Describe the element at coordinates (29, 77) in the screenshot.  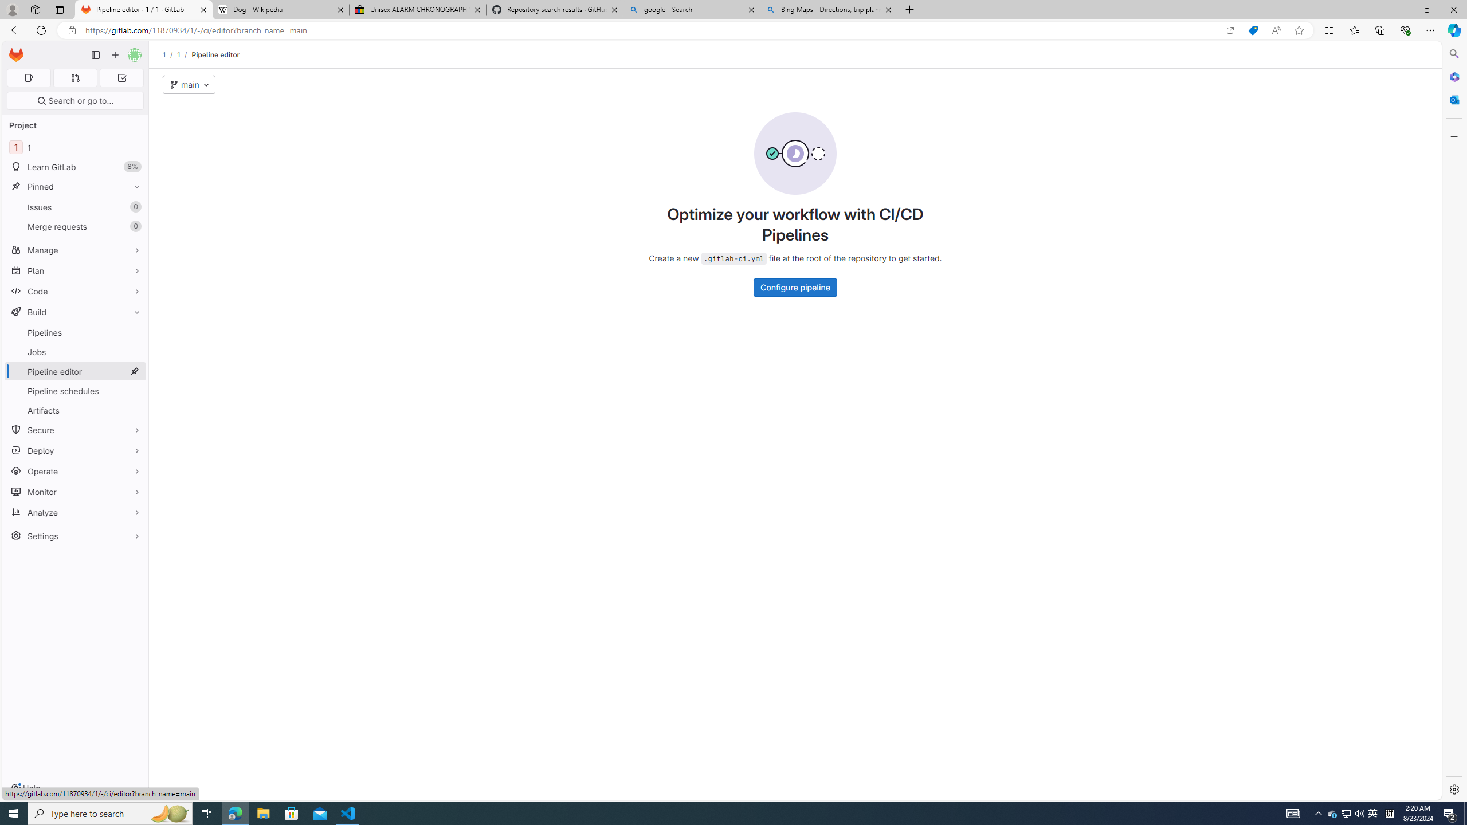
I see `'Assigned issues 0'` at that location.